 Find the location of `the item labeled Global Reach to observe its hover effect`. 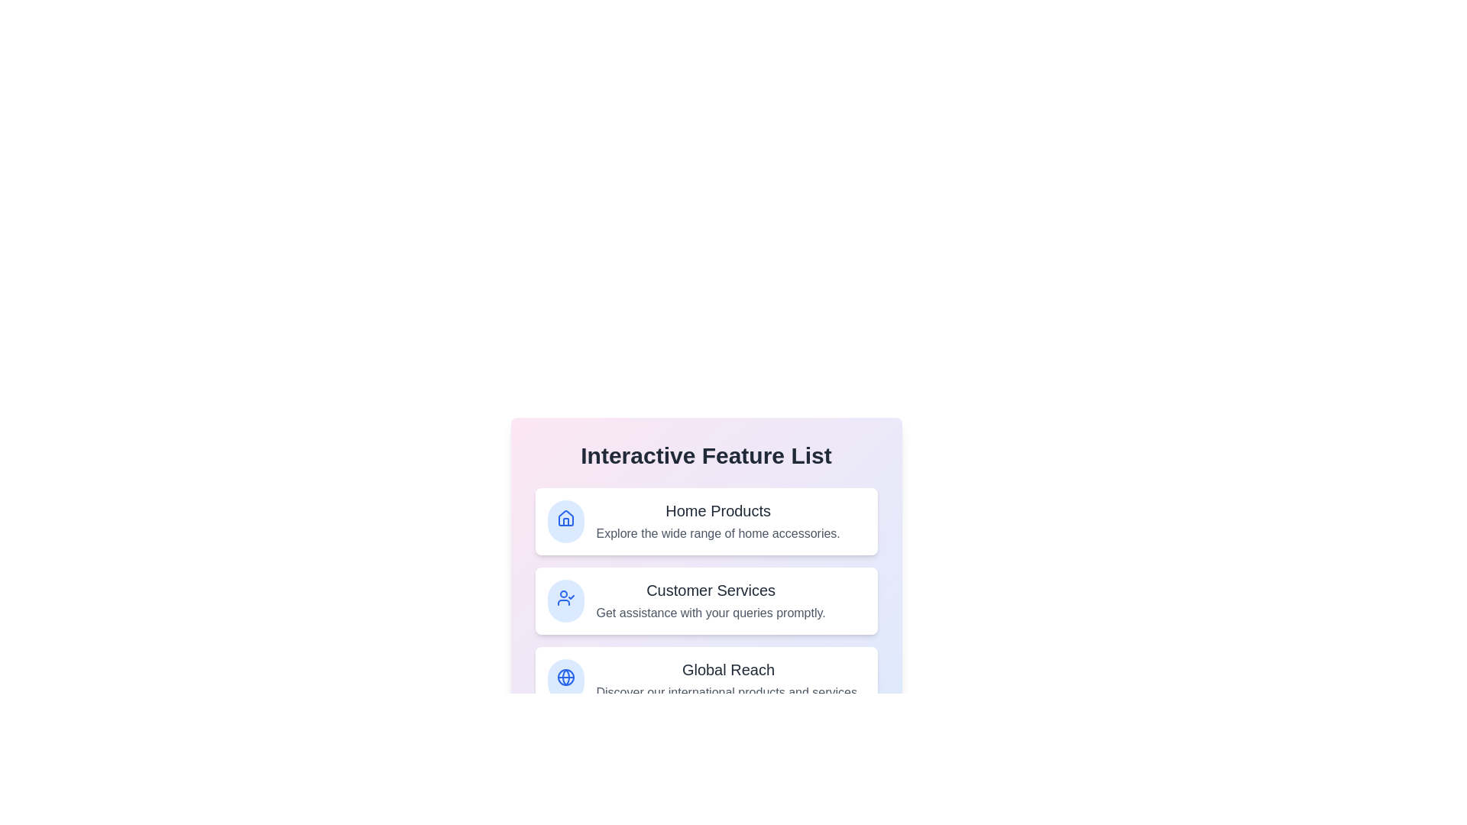

the item labeled Global Reach to observe its hover effect is located at coordinates (705, 680).